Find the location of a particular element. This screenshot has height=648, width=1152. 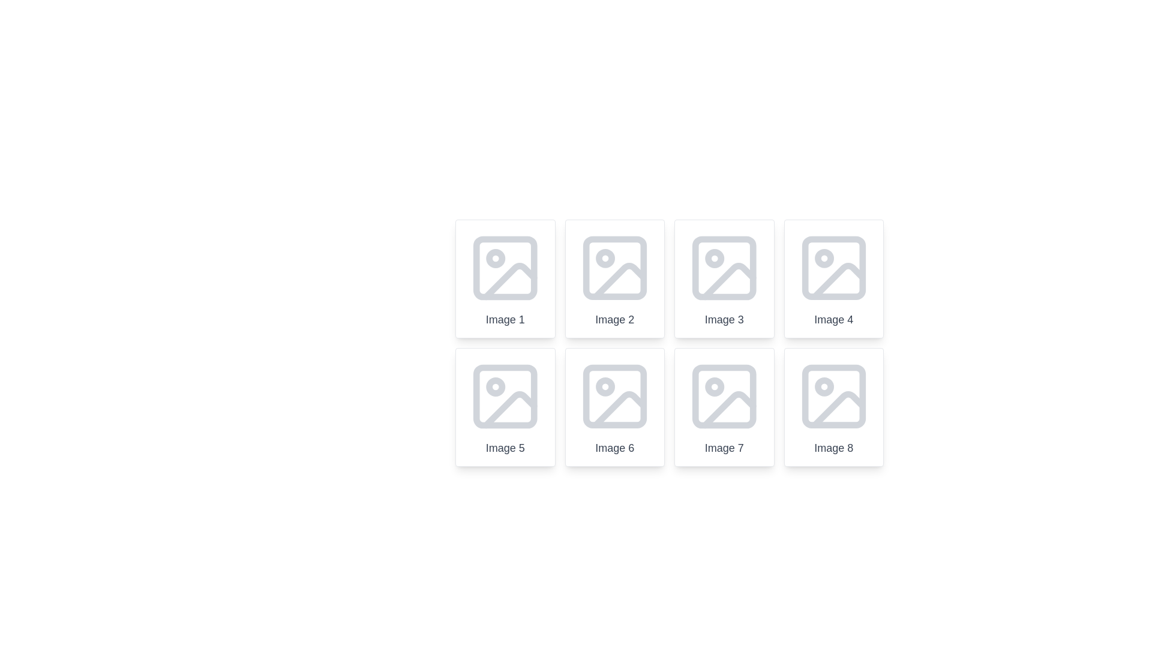

the Icon Decoration Shape, which is a rounded rectangle with a border radius of 2 units, located within the 'Image 8' tile at the bottom-right corner of the grid is located at coordinates (833, 396).